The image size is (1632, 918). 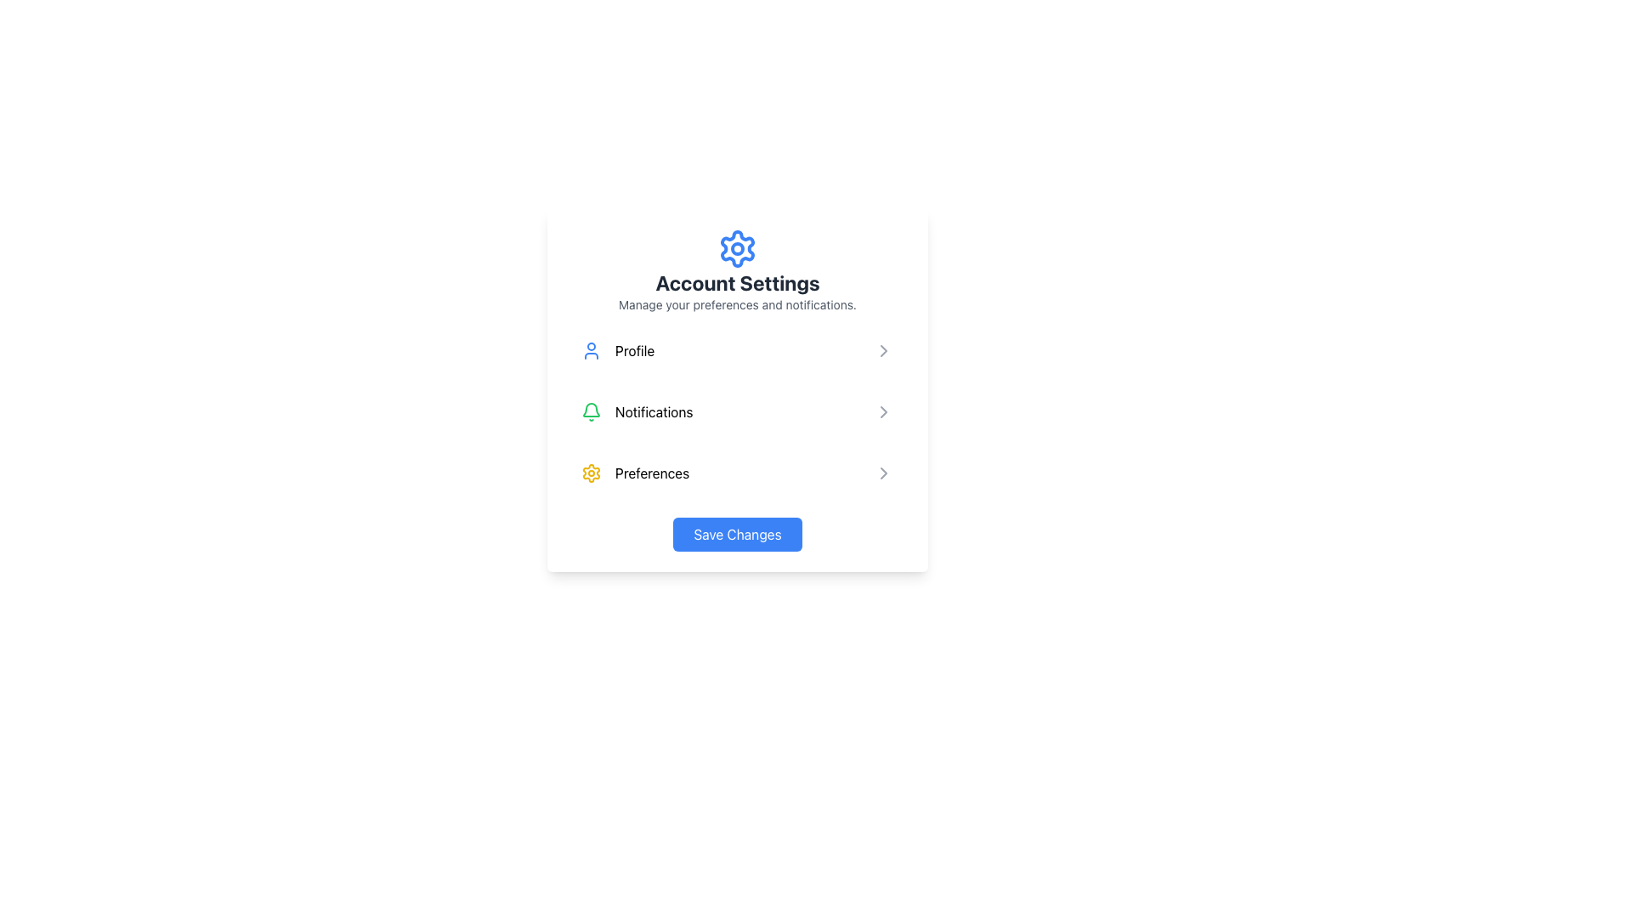 What do you see at coordinates (884, 349) in the screenshot?
I see `the right-facing chevron icon button located on the right side of the 'Notifications' list item` at bounding box center [884, 349].